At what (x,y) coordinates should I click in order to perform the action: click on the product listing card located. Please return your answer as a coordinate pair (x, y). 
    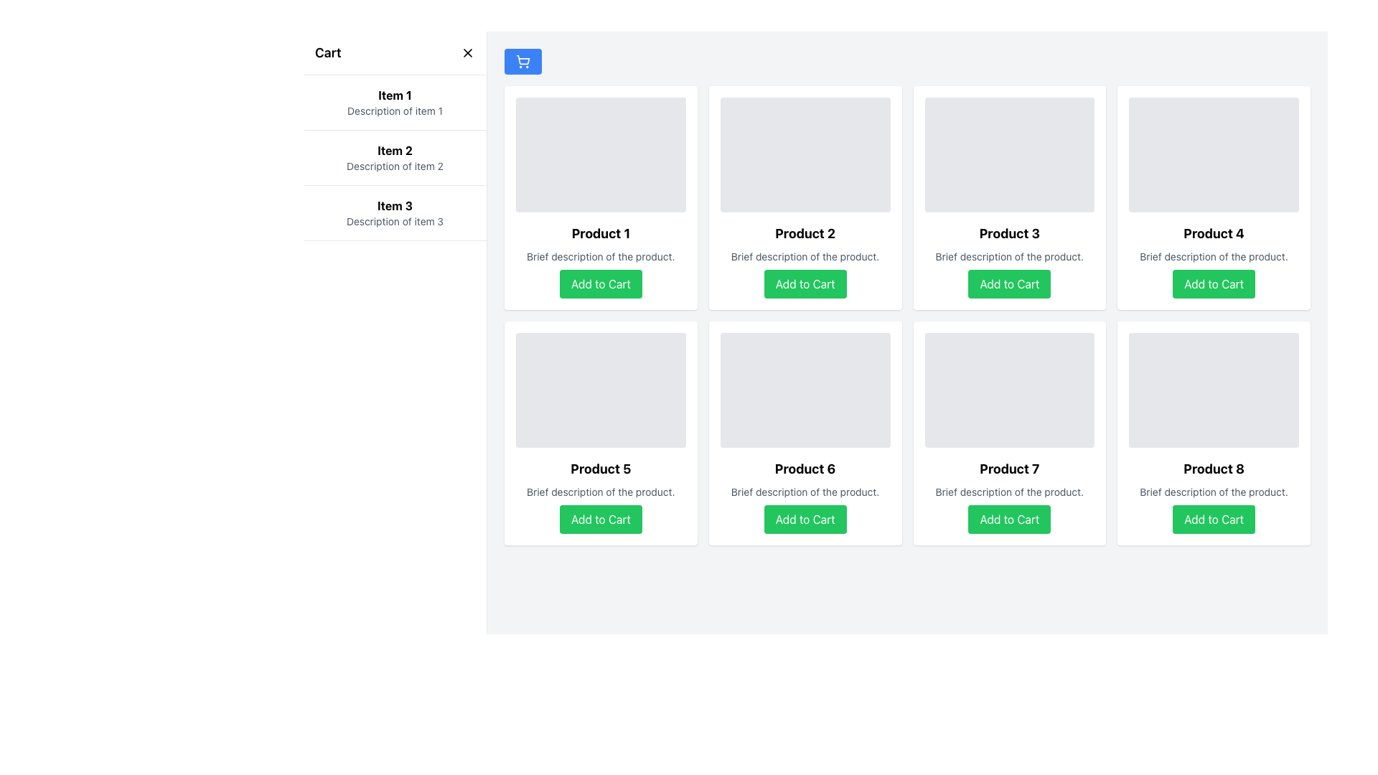
    Looking at the image, I should click on (805, 433).